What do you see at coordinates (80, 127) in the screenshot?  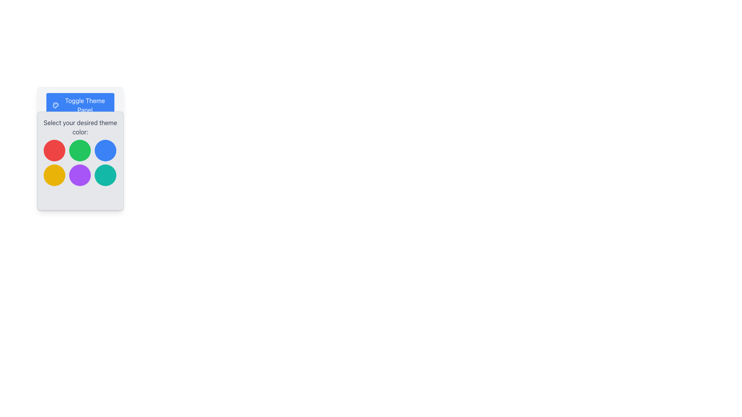 I see `the instructional text label that guides users in choosing a theme color, located below the 'Toggle Theme Panel' header` at bounding box center [80, 127].